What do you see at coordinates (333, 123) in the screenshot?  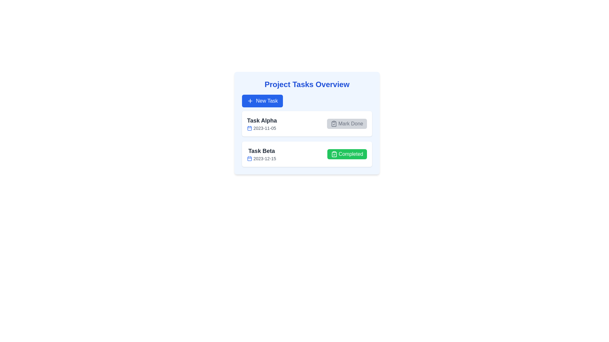 I see `icon representing the action of marking 'Task Alpha' as done, located to the left of the text label within the 'Mark Done' button` at bounding box center [333, 123].